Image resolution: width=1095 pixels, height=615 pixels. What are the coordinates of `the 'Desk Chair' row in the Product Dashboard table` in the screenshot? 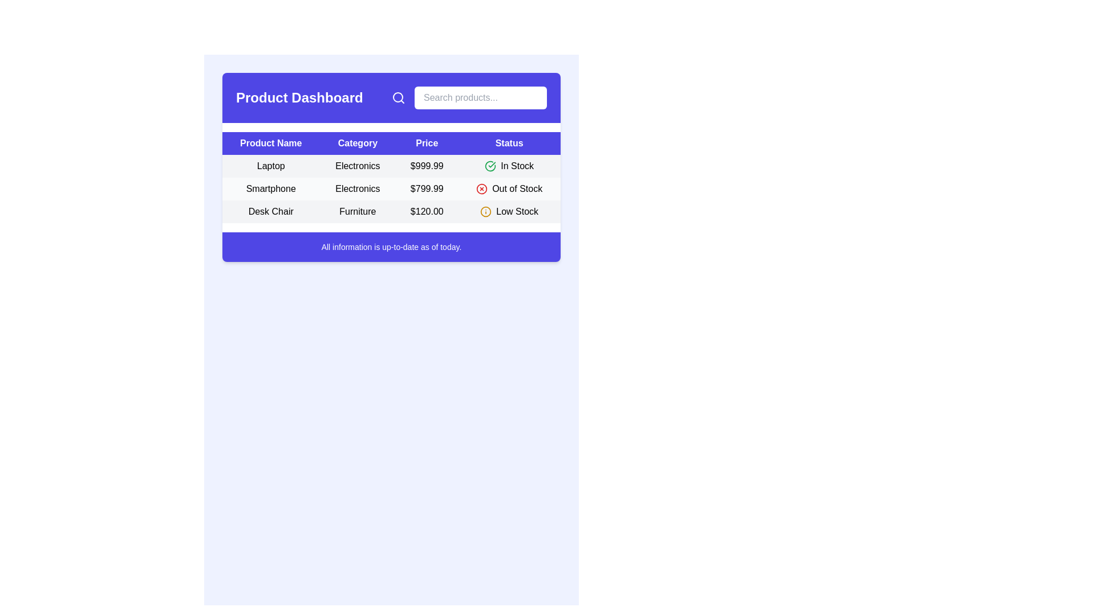 It's located at (391, 211).